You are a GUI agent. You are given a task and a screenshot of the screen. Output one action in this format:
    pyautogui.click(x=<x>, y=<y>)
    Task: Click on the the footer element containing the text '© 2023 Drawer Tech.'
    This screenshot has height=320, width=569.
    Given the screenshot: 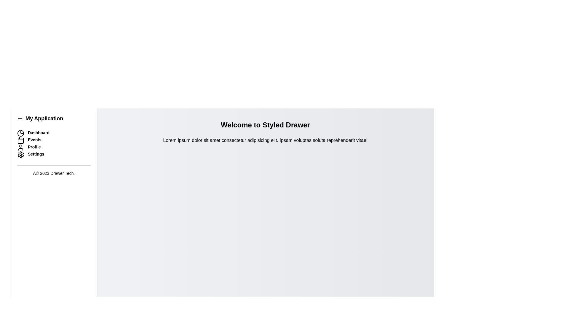 What is the action you would take?
    pyautogui.click(x=54, y=171)
    